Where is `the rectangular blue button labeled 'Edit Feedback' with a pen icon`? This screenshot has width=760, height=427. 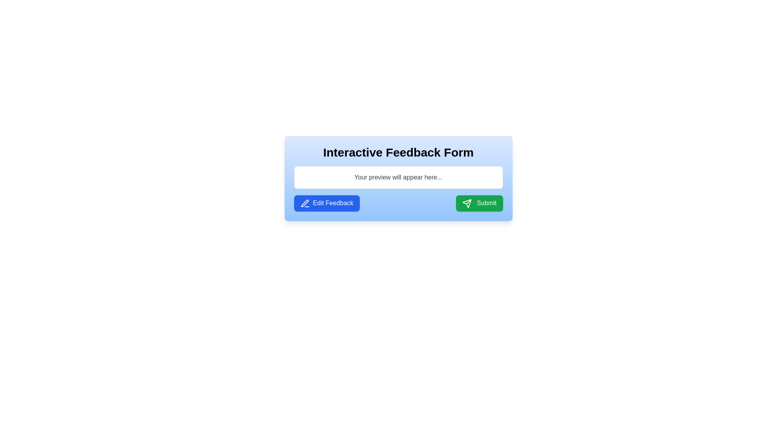
the rectangular blue button labeled 'Edit Feedback' with a pen icon is located at coordinates (327, 203).